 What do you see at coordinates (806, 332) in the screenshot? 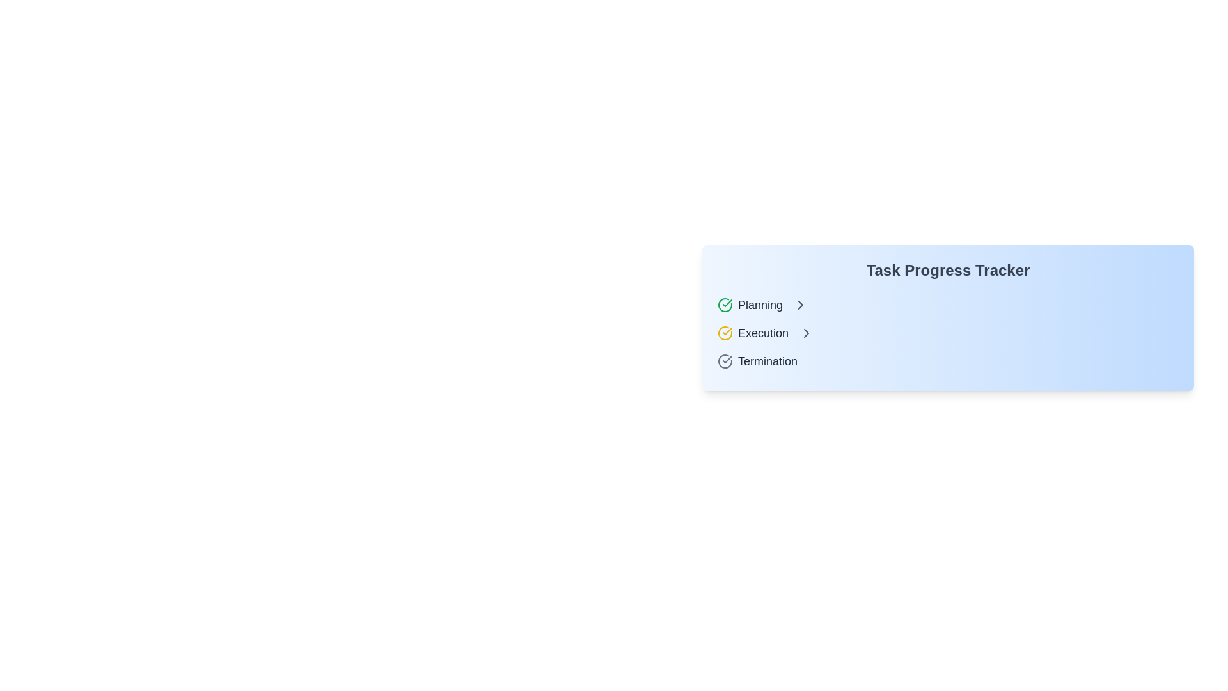
I see `the right-pointing arrow icon styled with a thin, rounded stroke and gray color, located immediately to the right of the 'Execution' label in the task progress tracker interface` at bounding box center [806, 332].